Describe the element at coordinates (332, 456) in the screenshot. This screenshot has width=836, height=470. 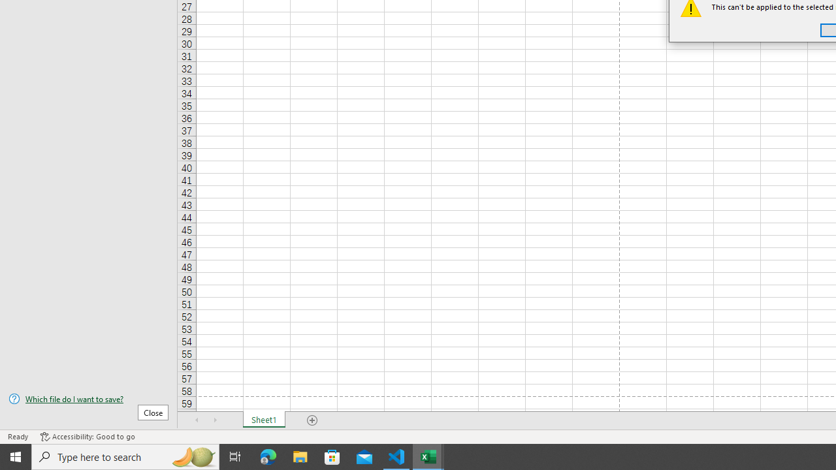
I see `'Microsoft Store'` at that location.